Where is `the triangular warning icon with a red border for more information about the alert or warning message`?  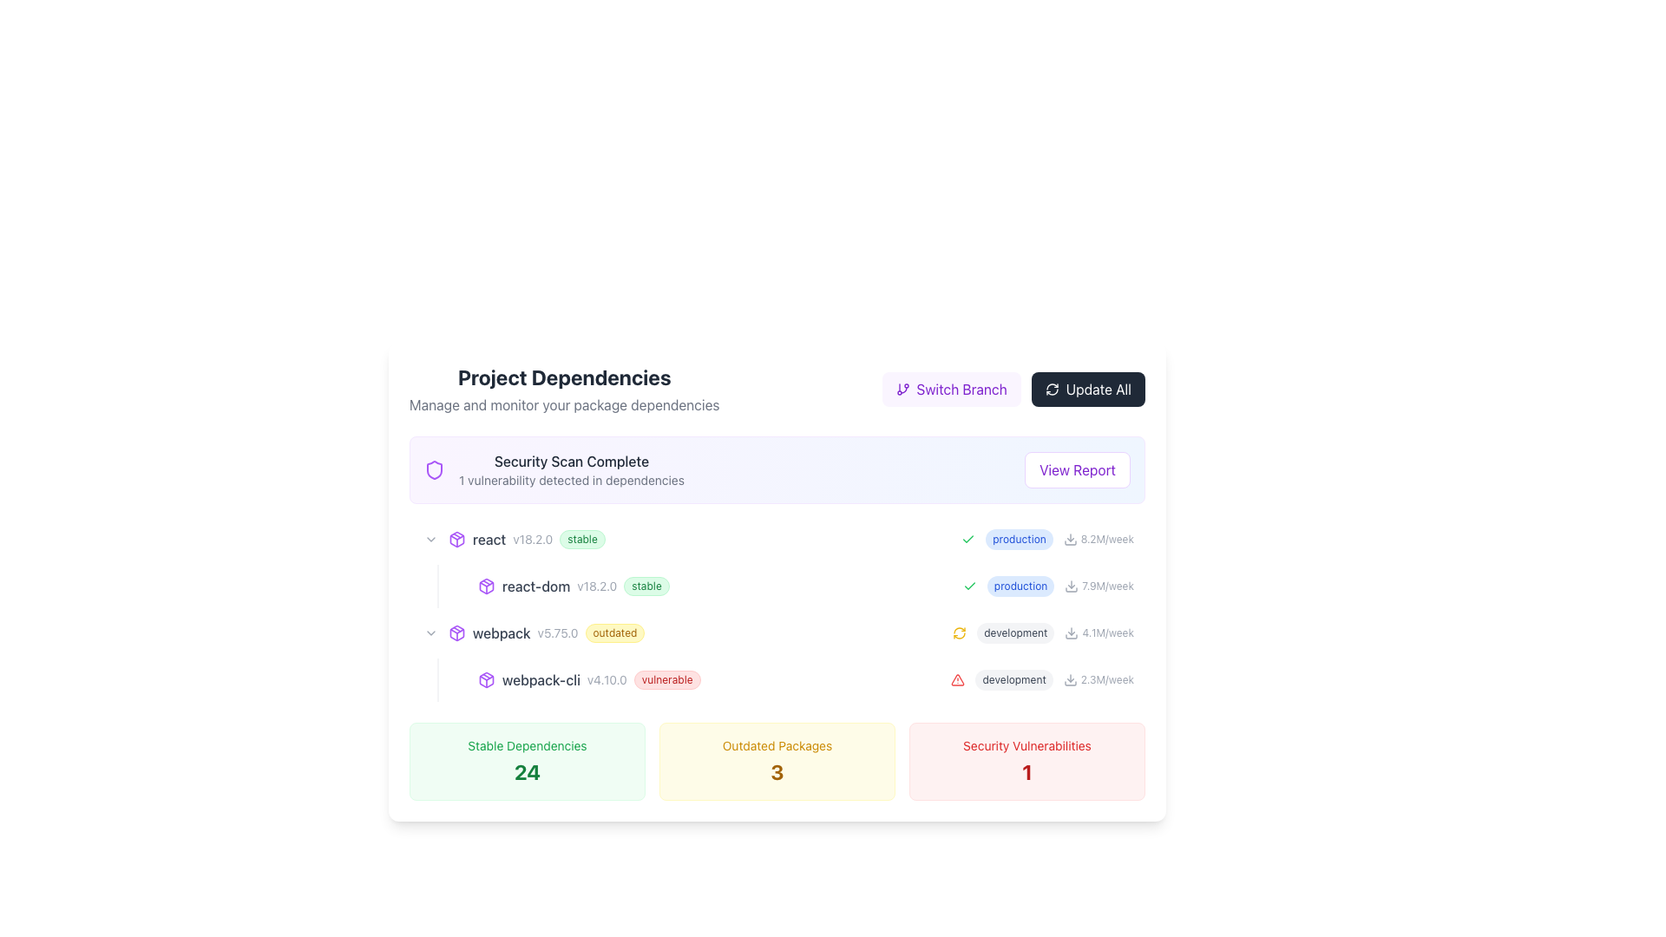
the triangular warning icon with a red border for more information about the alert or warning message is located at coordinates (957, 678).